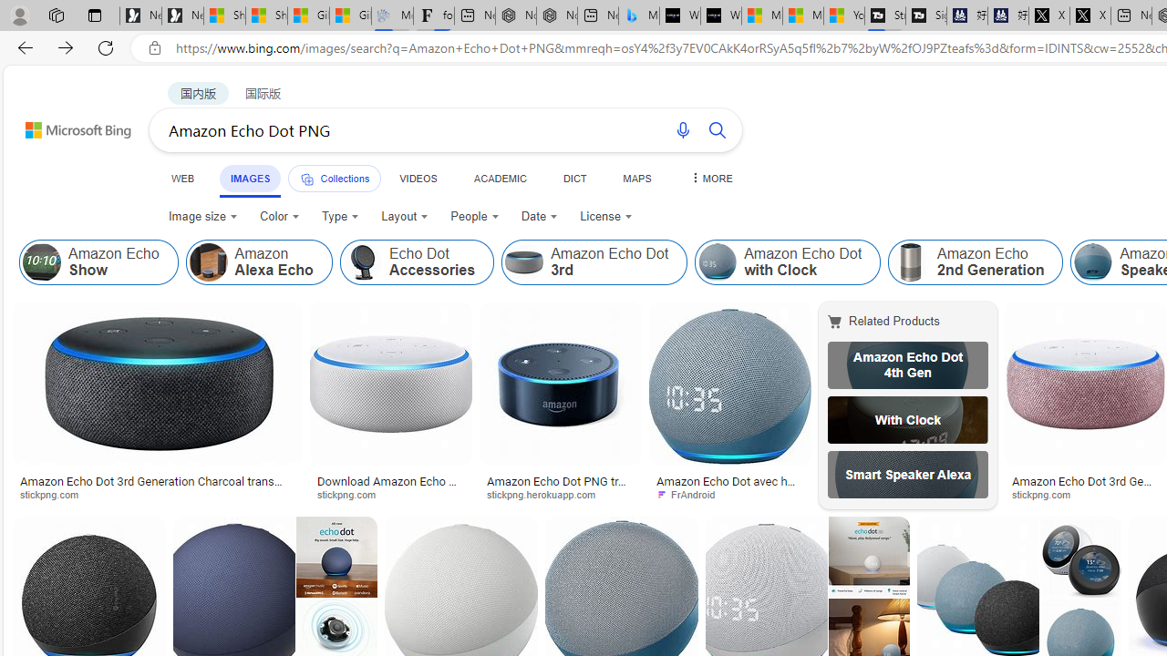 The image size is (1167, 656). What do you see at coordinates (907, 419) in the screenshot?
I see `'With Clock'` at bounding box center [907, 419].